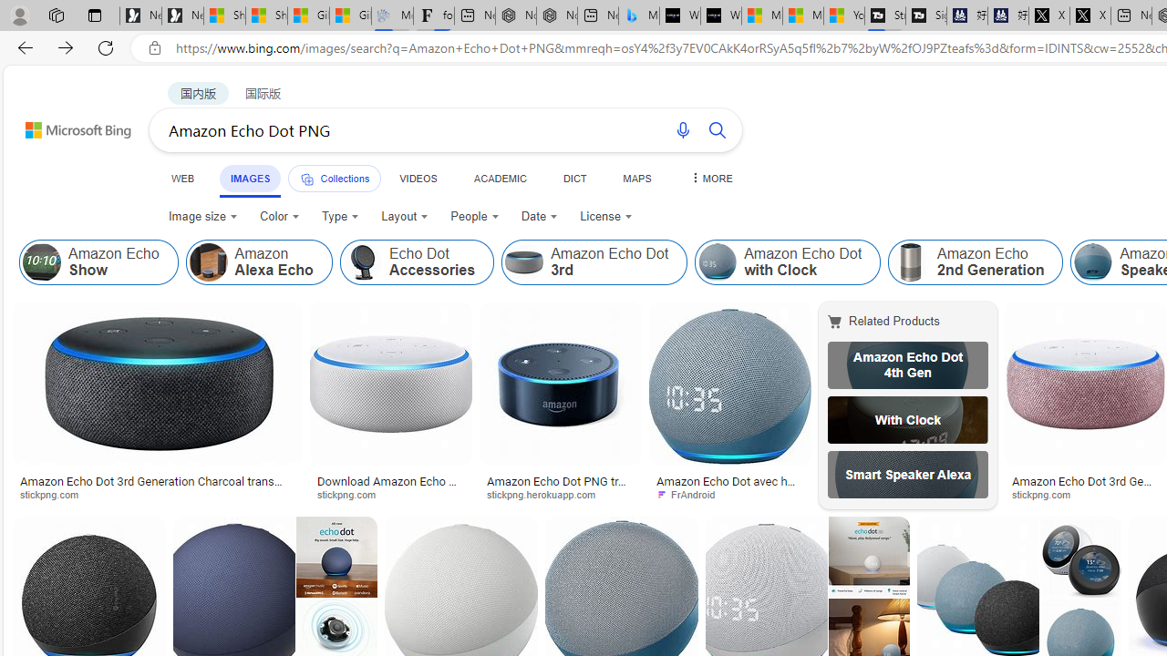 The image size is (1167, 656). What do you see at coordinates (907, 419) in the screenshot?
I see `'With Clock'` at bounding box center [907, 419].